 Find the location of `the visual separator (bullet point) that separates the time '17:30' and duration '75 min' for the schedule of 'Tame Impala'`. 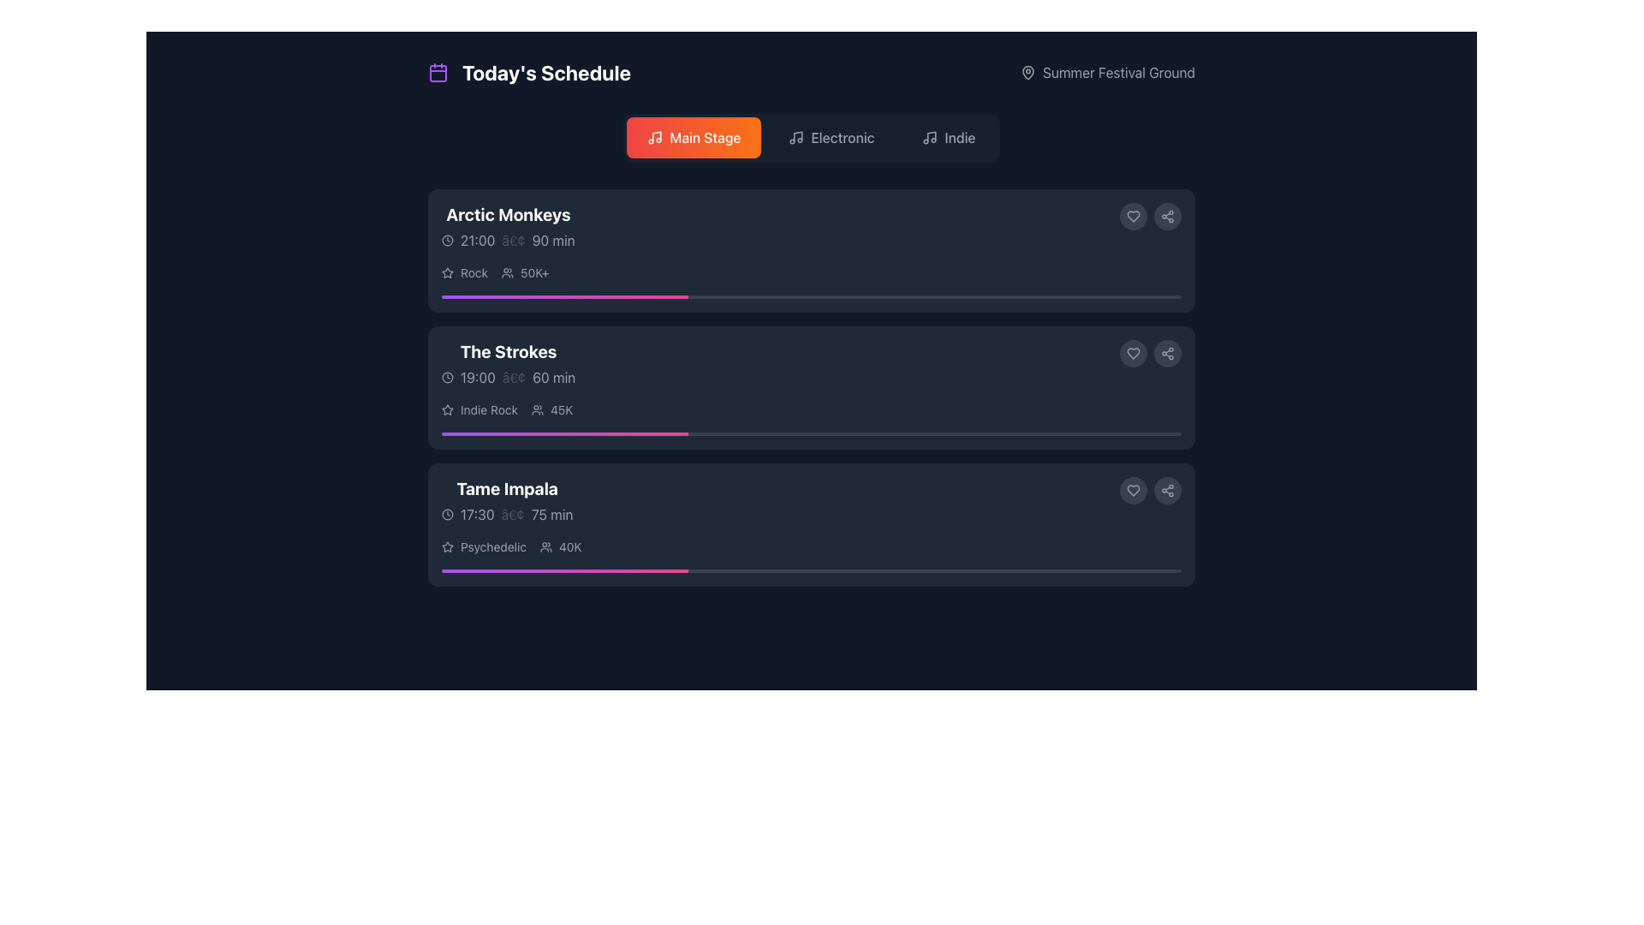

the visual separator (bullet point) that separates the time '17:30' and duration '75 min' for the schedule of 'Tame Impala' is located at coordinates (512, 514).